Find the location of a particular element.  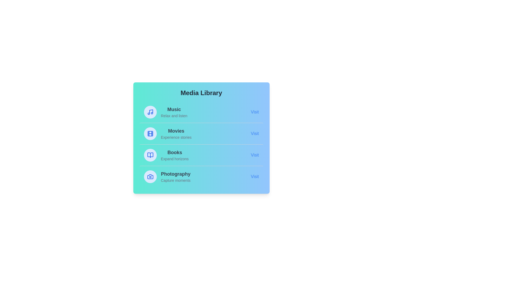

the icon representing Movies in the Media Library is located at coordinates (150, 133).